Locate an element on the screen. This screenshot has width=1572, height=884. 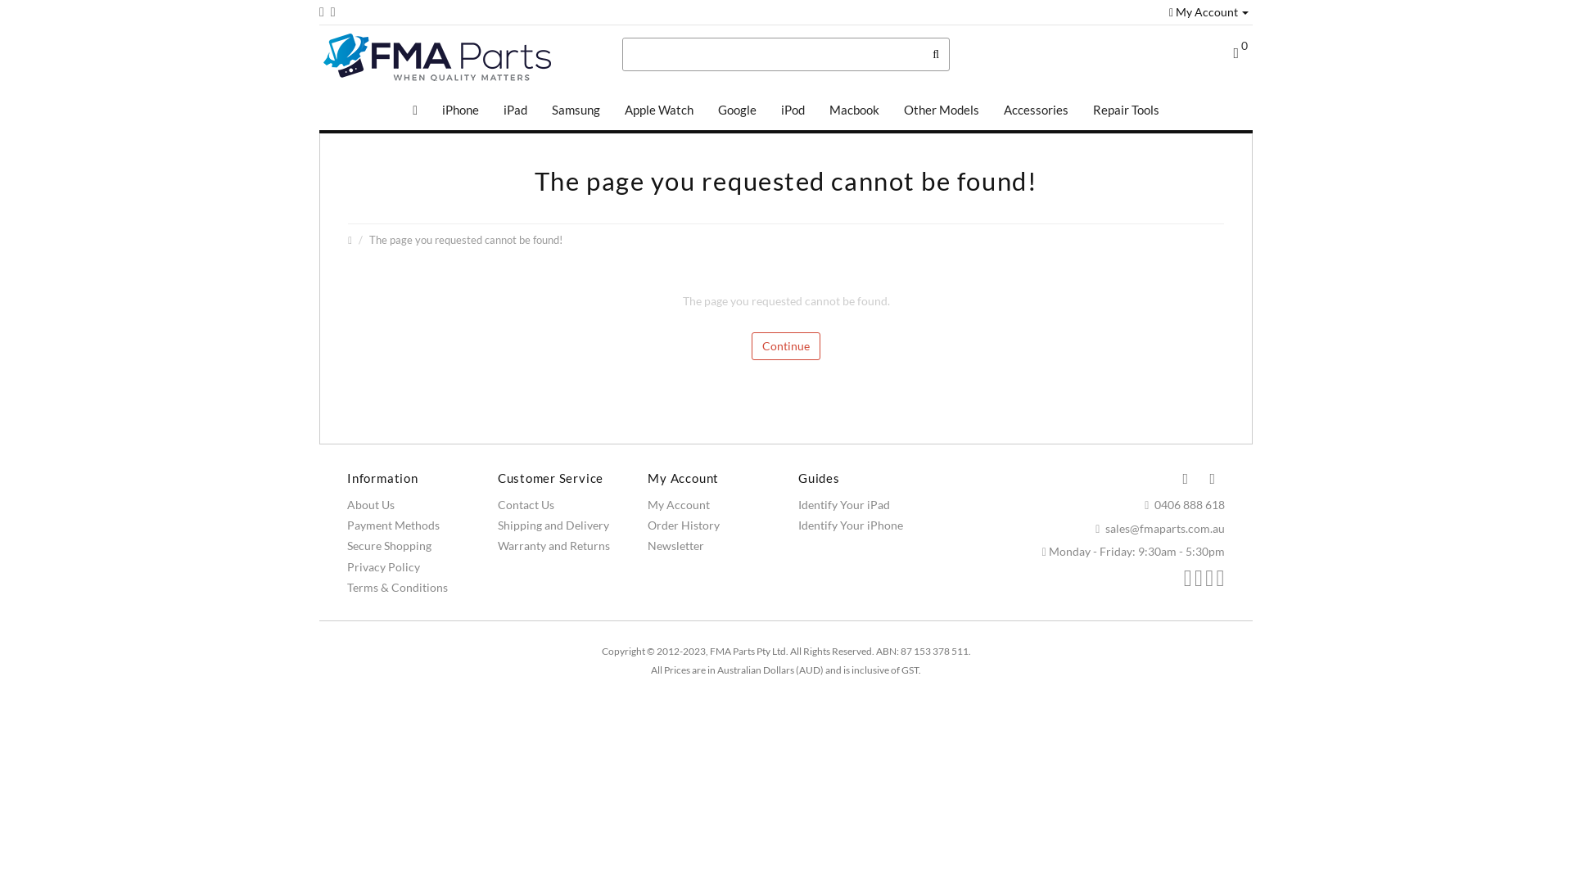
'Shipping and Delivery' is located at coordinates (553, 525).